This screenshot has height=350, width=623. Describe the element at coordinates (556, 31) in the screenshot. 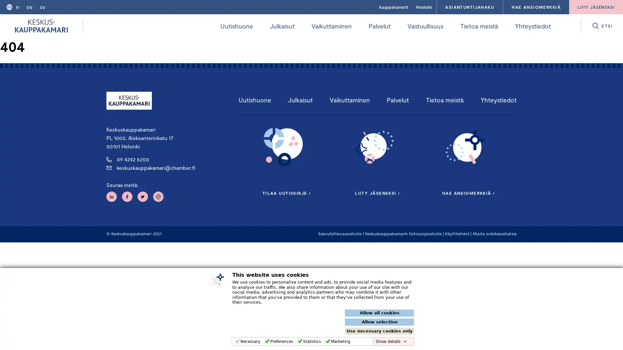

I see `Avaa alivalikko kohteelle Yhteystiedot` at that location.